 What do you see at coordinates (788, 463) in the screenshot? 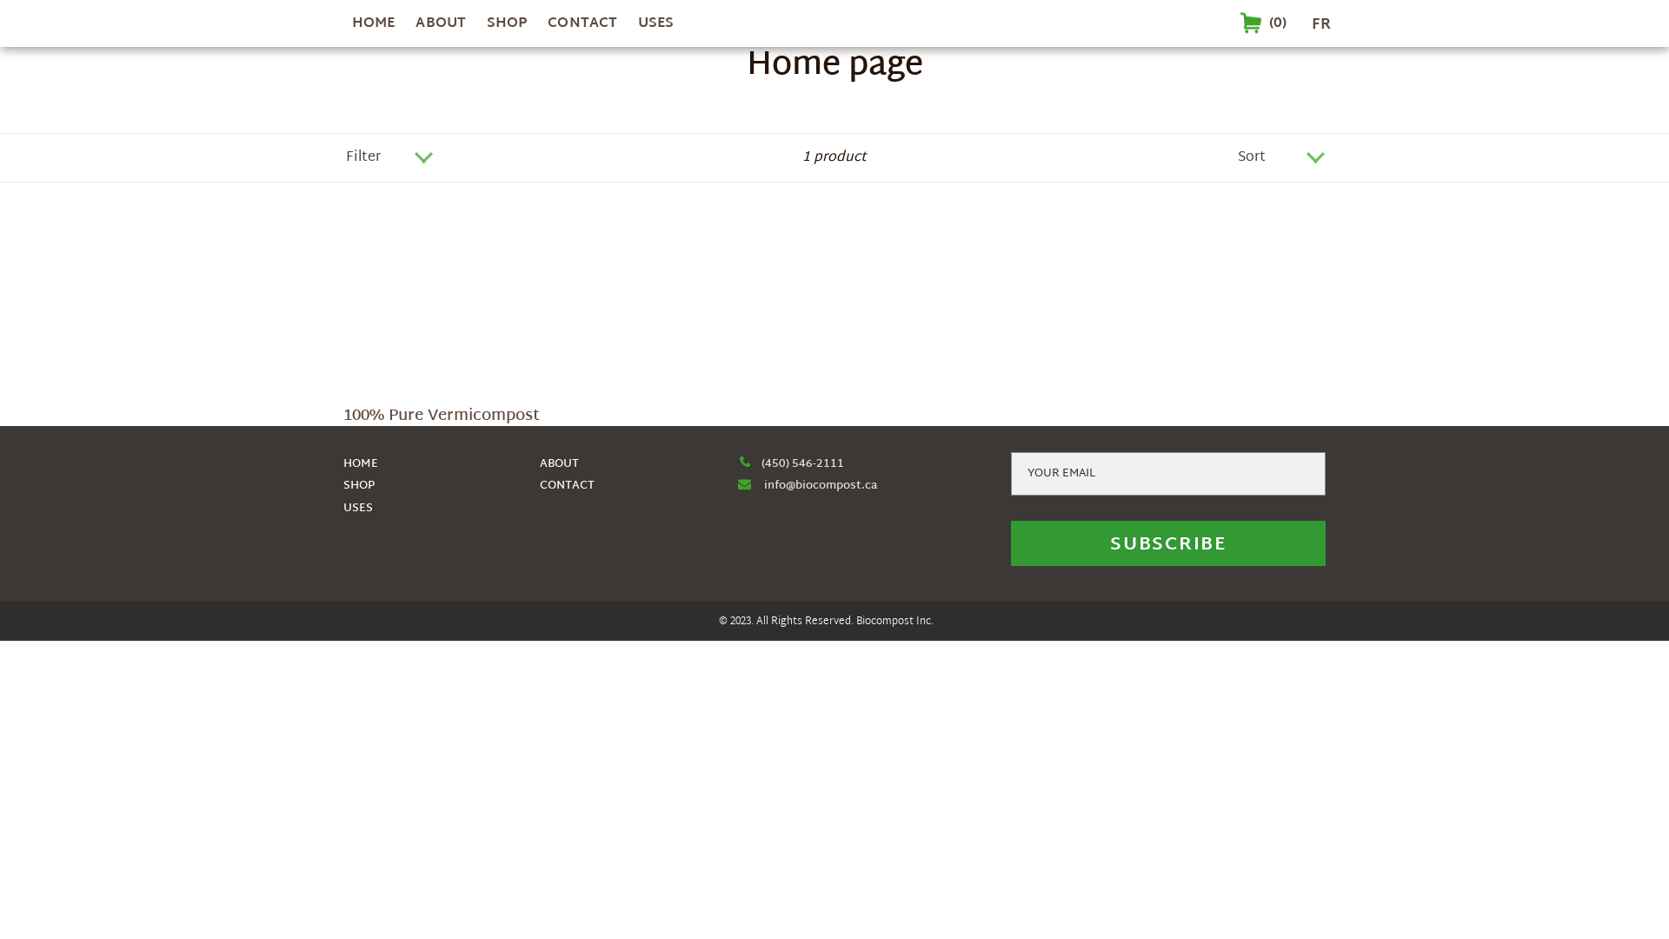
I see `'(450) 546-2111'` at bounding box center [788, 463].